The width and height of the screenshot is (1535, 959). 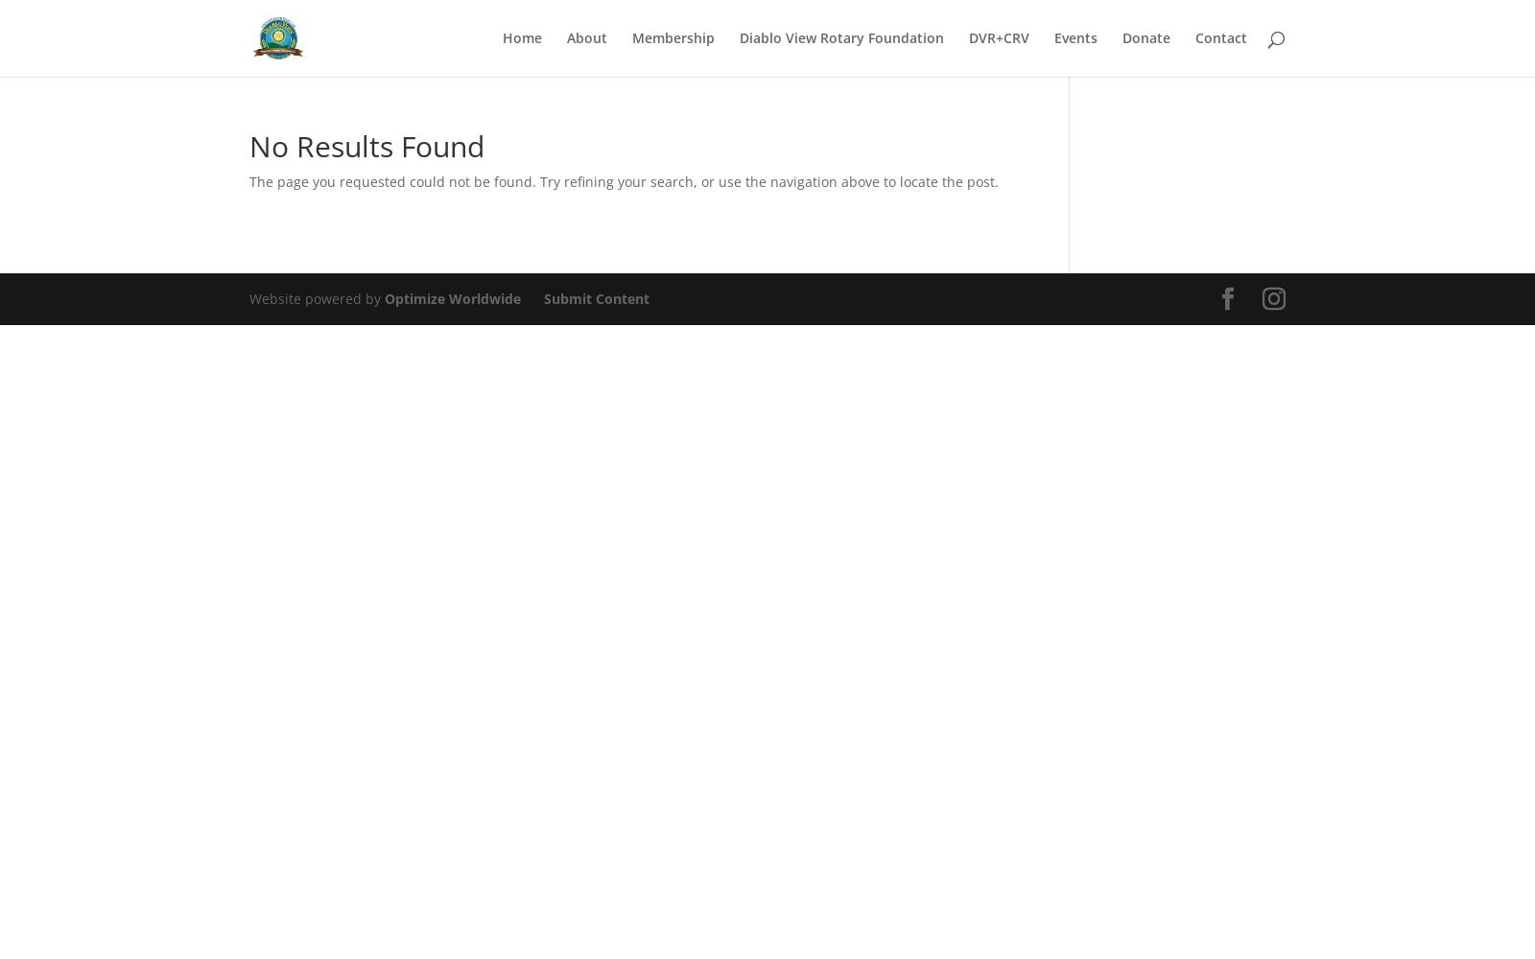 What do you see at coordinates (1075, 37) in the screenshot?
I see `'Events'` at bounding box center [1075, 37].